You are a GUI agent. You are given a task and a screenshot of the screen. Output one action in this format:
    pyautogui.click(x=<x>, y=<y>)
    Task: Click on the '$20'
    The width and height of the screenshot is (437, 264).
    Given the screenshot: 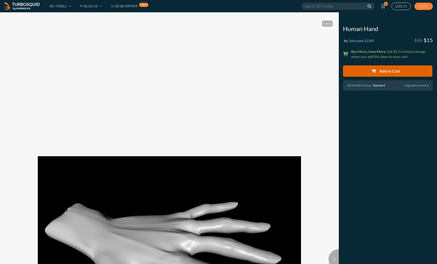 What is the action you would take?
    pyautogui.click(x=418, y=40)
    